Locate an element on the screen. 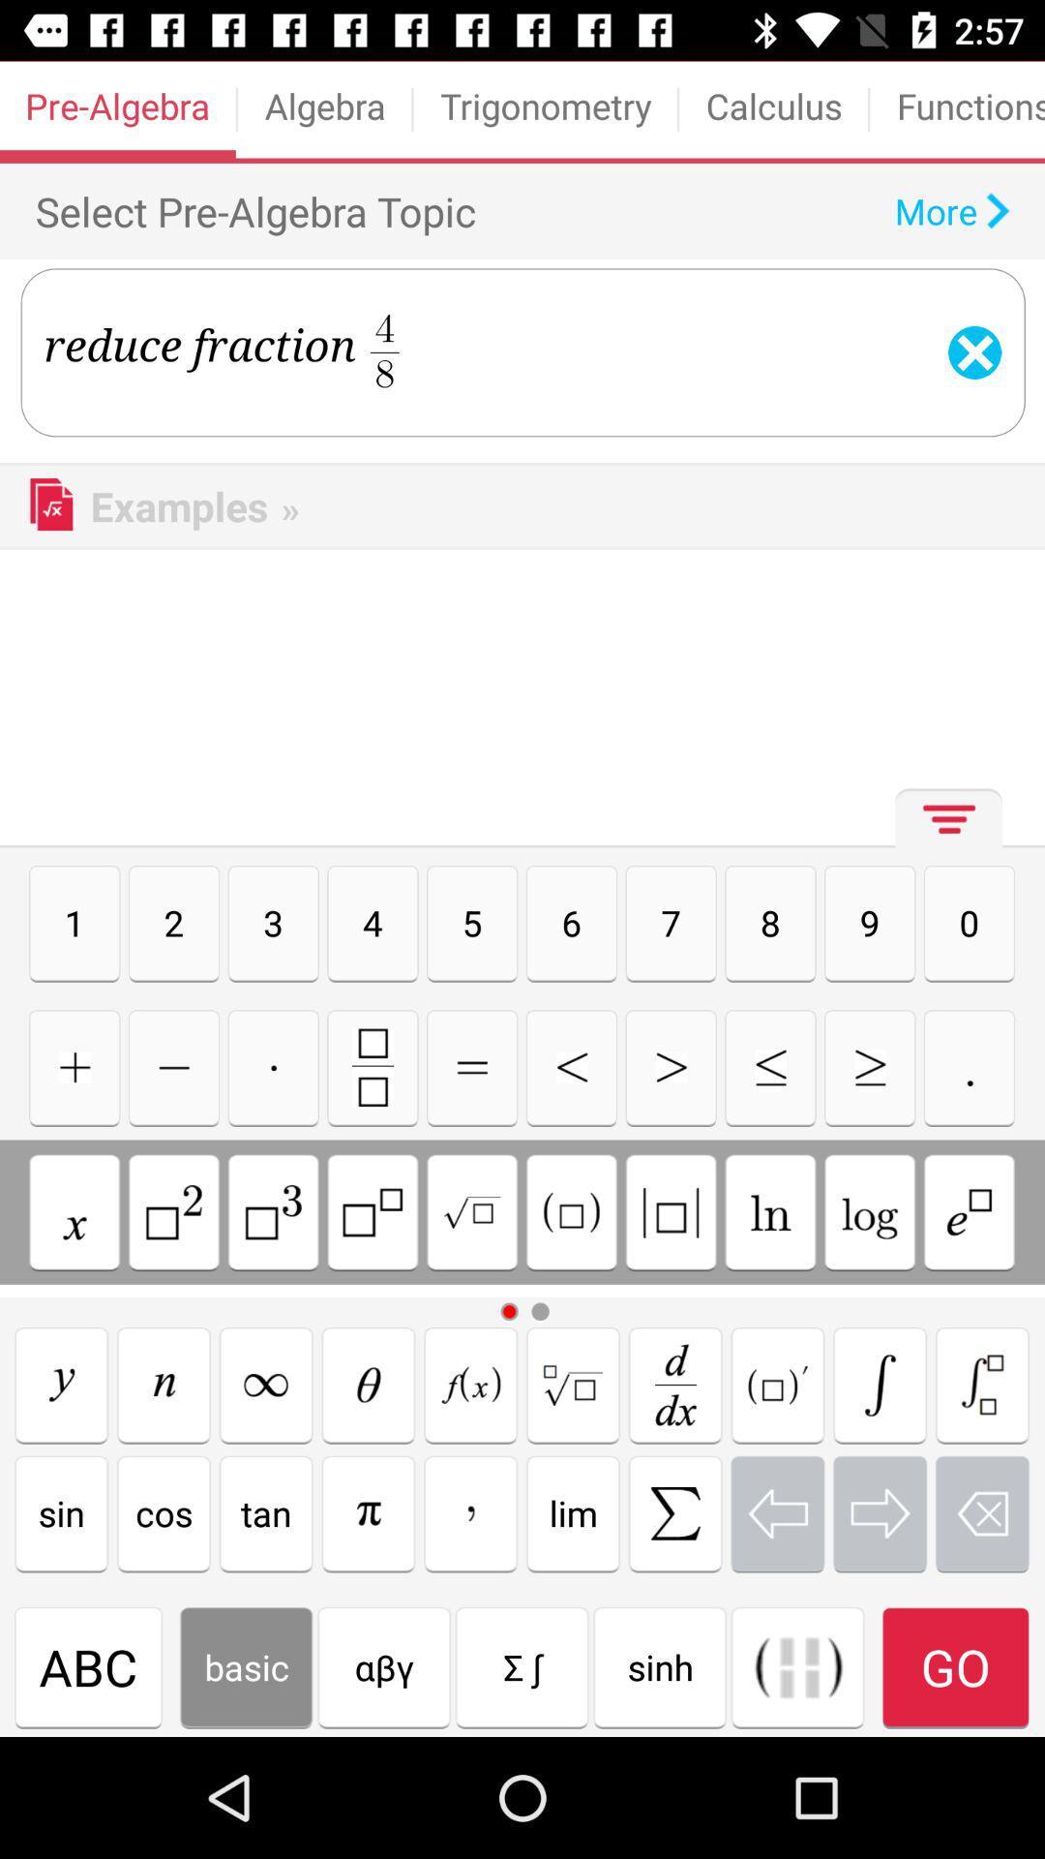 This screenshot has width=1045, height=1859. this option is located at coordinates (570, 1211).